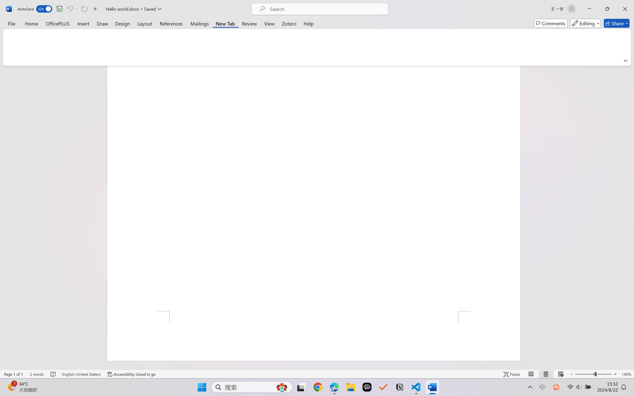 Image resolution: width=634 pixels, height=396 pixels. What do you see at coordinates (69, 9) in the screenshot?
I see `'Can'` at bounding box center [69, 9].